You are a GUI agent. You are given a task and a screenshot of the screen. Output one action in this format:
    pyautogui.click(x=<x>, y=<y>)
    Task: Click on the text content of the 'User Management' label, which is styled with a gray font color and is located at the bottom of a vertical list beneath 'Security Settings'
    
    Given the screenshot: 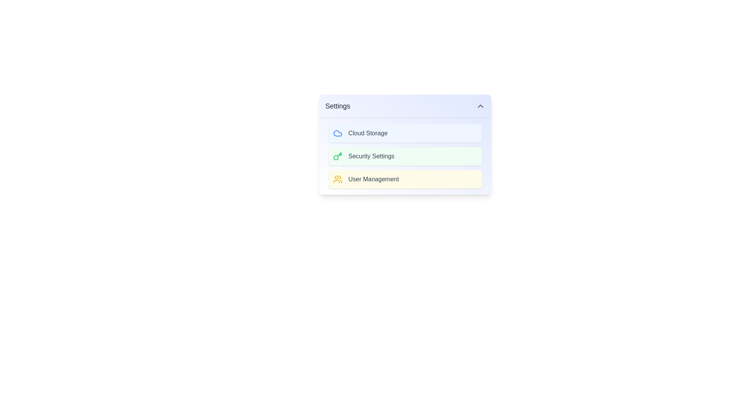 What is the action you would take?
    pyautogui.click(x=373, y=179)
    